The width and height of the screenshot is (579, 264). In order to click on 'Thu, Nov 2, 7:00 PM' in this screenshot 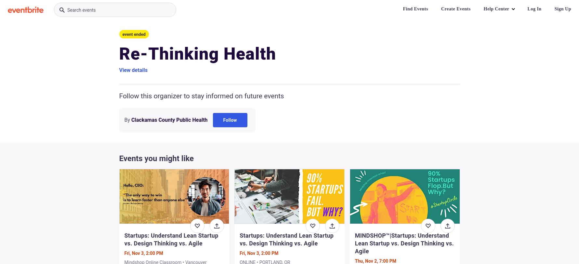, I will do `click(375, 260)`.